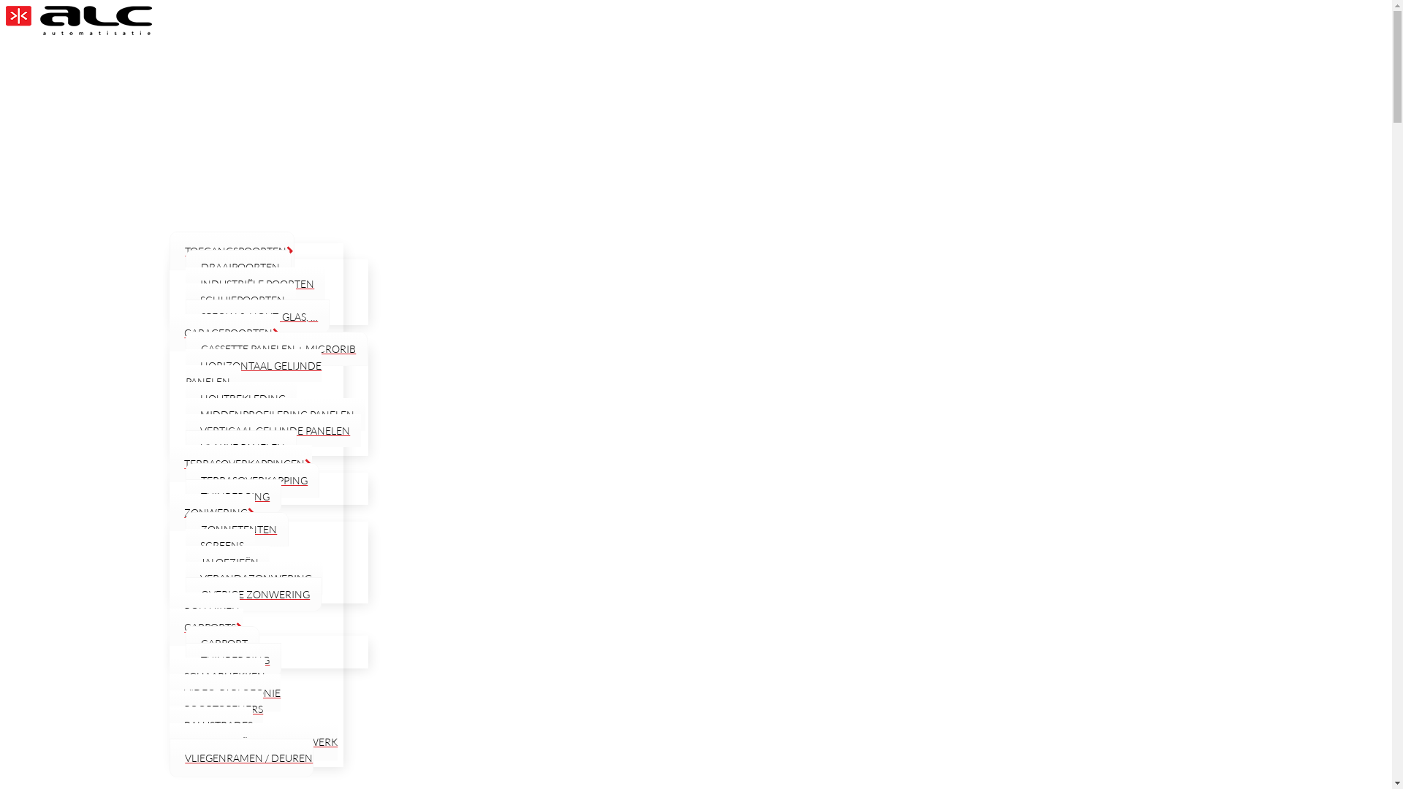 This screenshot has height=789, width=1403. What do you see at coordinates (185, 495) in the screenshot?
I see `'TUINBERGING'` at bounding box center [185, 495].